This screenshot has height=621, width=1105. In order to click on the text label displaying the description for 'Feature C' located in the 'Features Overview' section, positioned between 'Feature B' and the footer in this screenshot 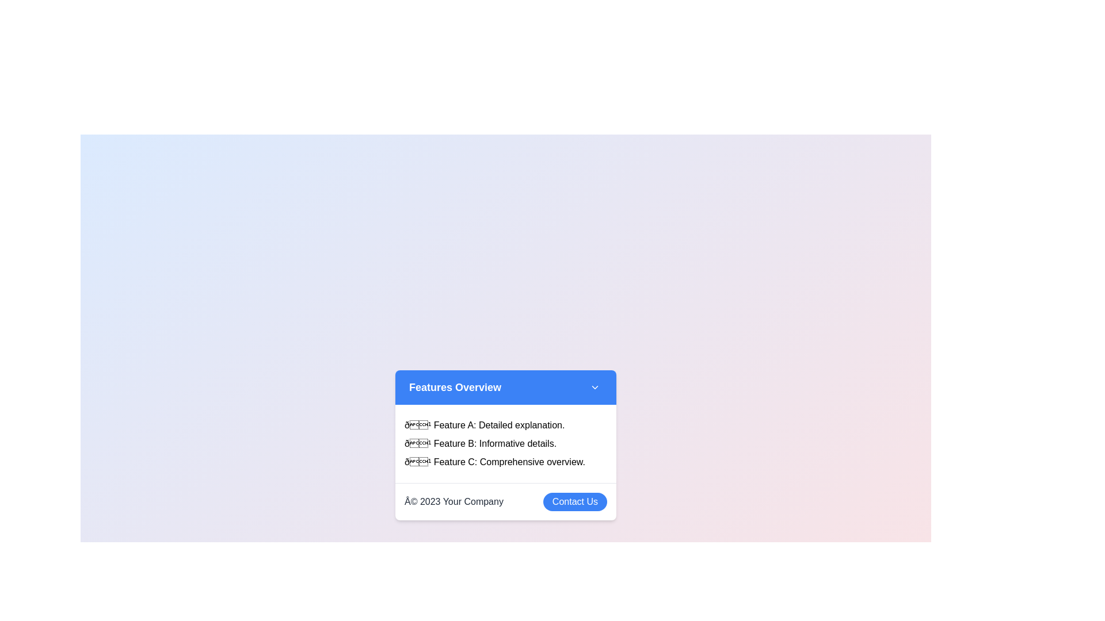, I will do `click(505, 461)`.